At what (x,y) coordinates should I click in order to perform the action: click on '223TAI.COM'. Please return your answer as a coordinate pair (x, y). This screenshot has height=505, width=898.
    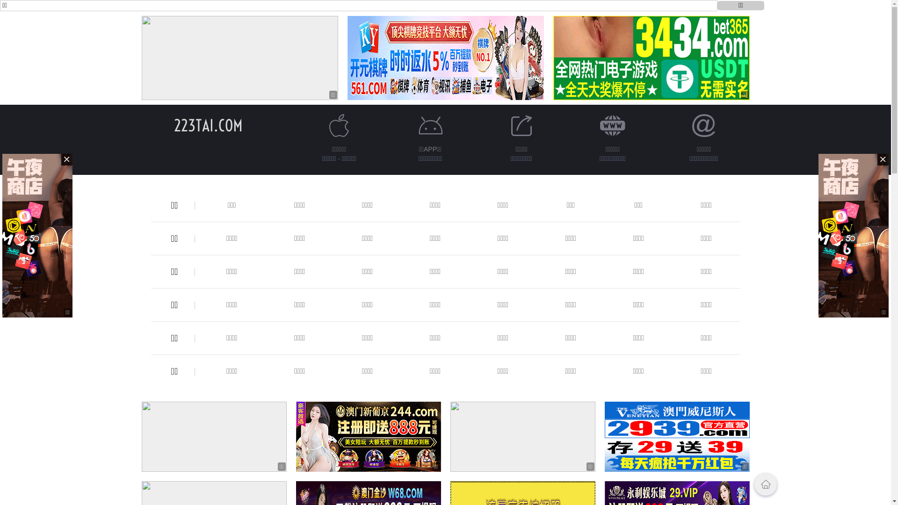
    Looking at the image, I should click on (208, 125).